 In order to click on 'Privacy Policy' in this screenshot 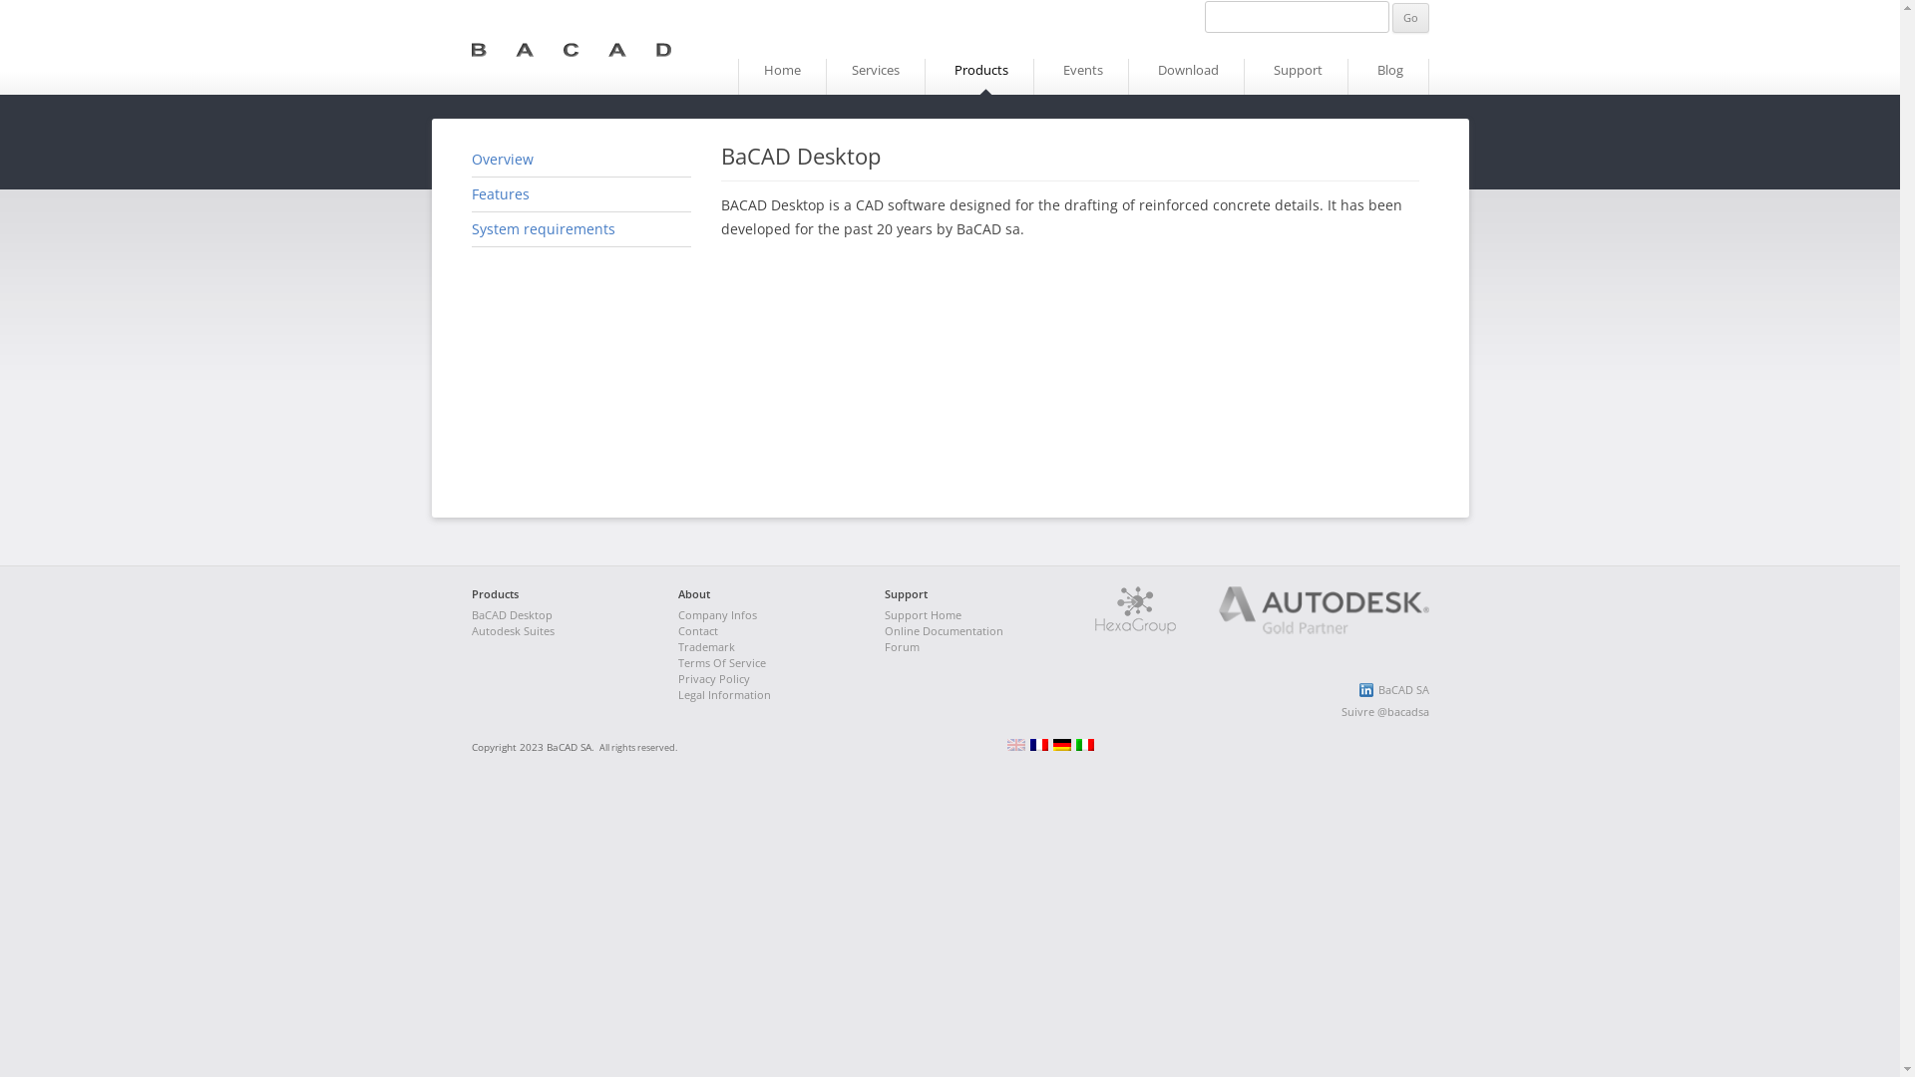, I will do `click(678, 677)`.